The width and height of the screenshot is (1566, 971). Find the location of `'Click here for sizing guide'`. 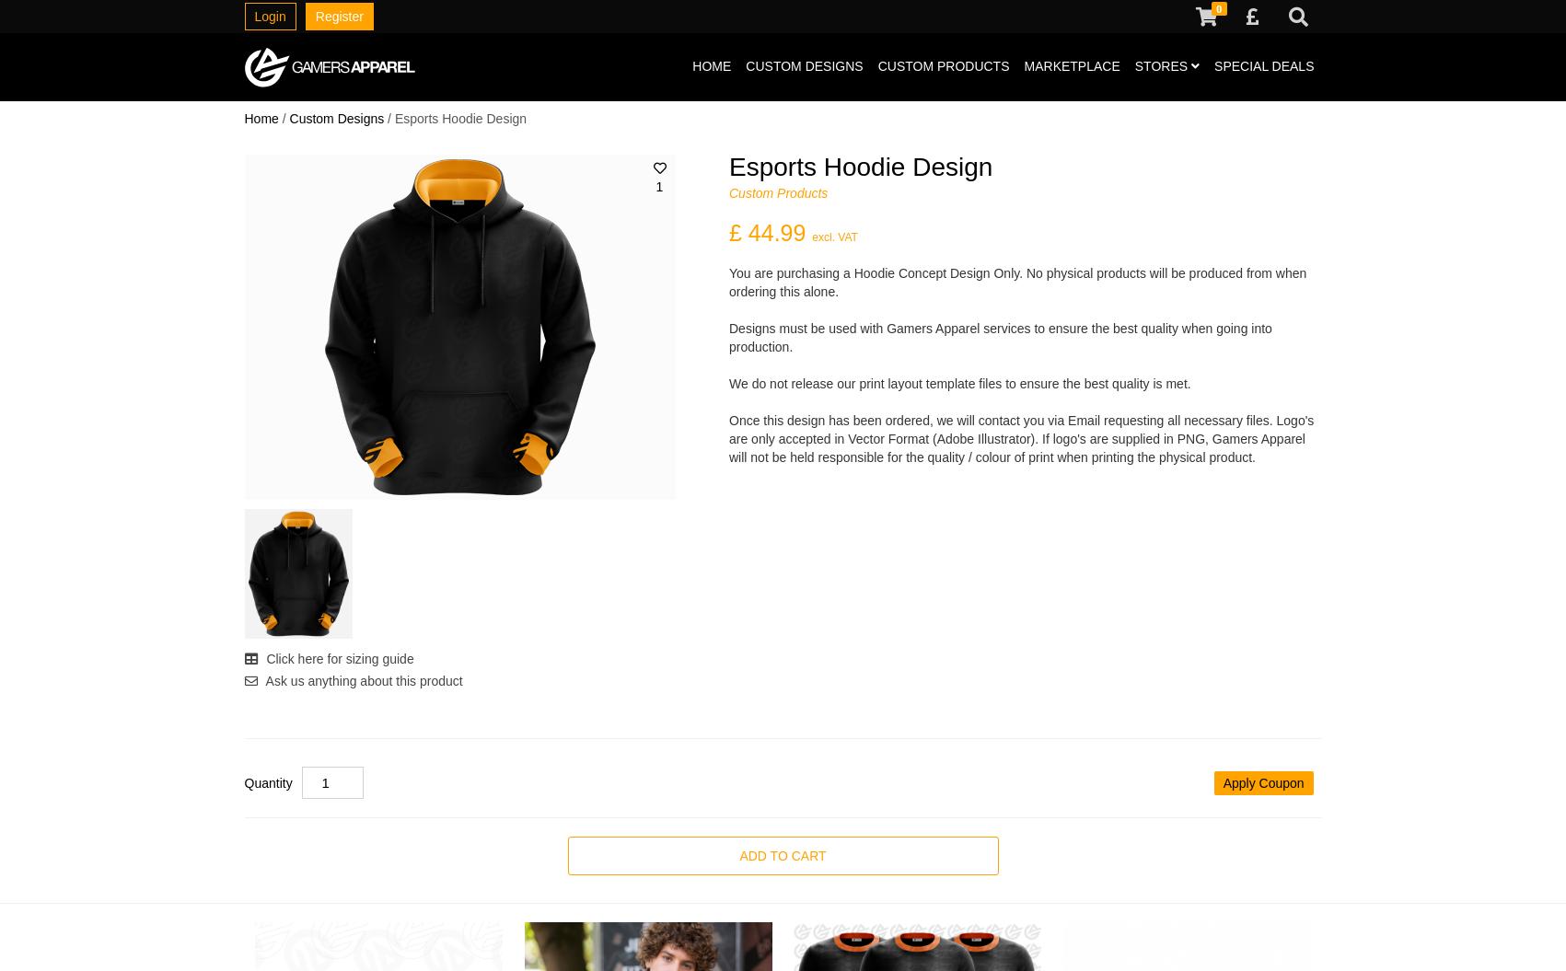

'Click here for sizing guide' is located at coordinates (337, 659).